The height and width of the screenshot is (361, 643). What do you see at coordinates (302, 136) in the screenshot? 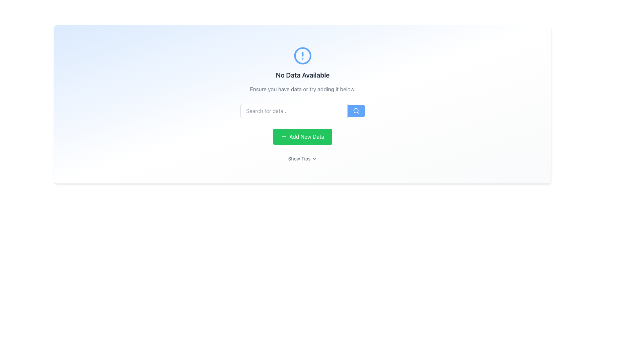
I see `the green rectangular button labeled 'Add New Data' located in the 'No Data Available' section` at bounding box center [302, 136].